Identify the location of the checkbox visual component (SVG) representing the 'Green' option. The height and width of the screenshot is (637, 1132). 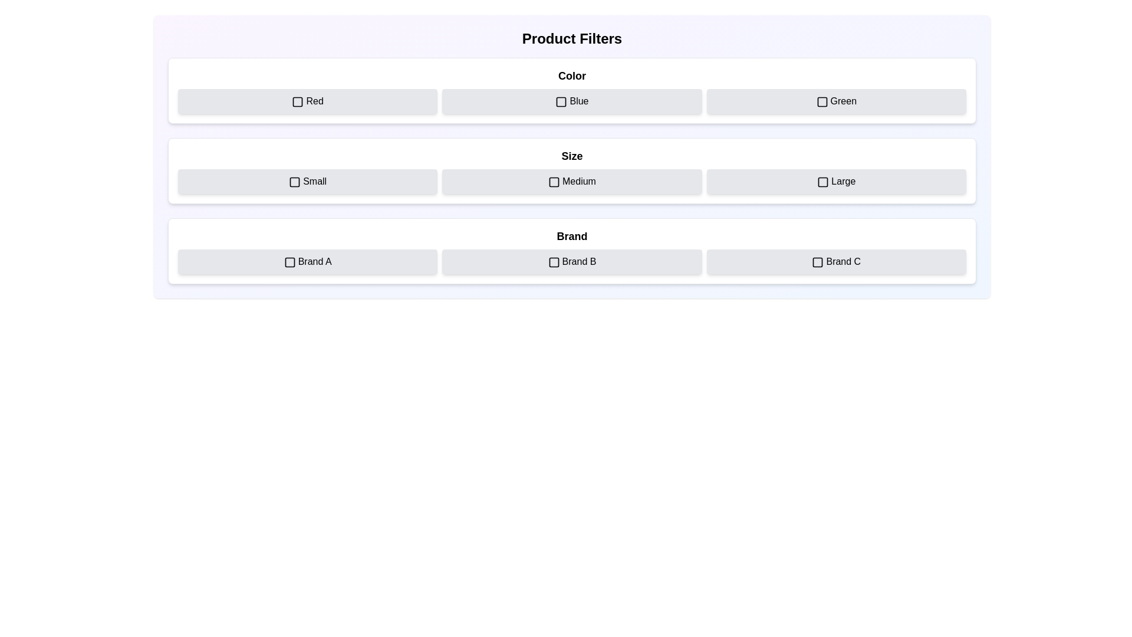
(821, 101).